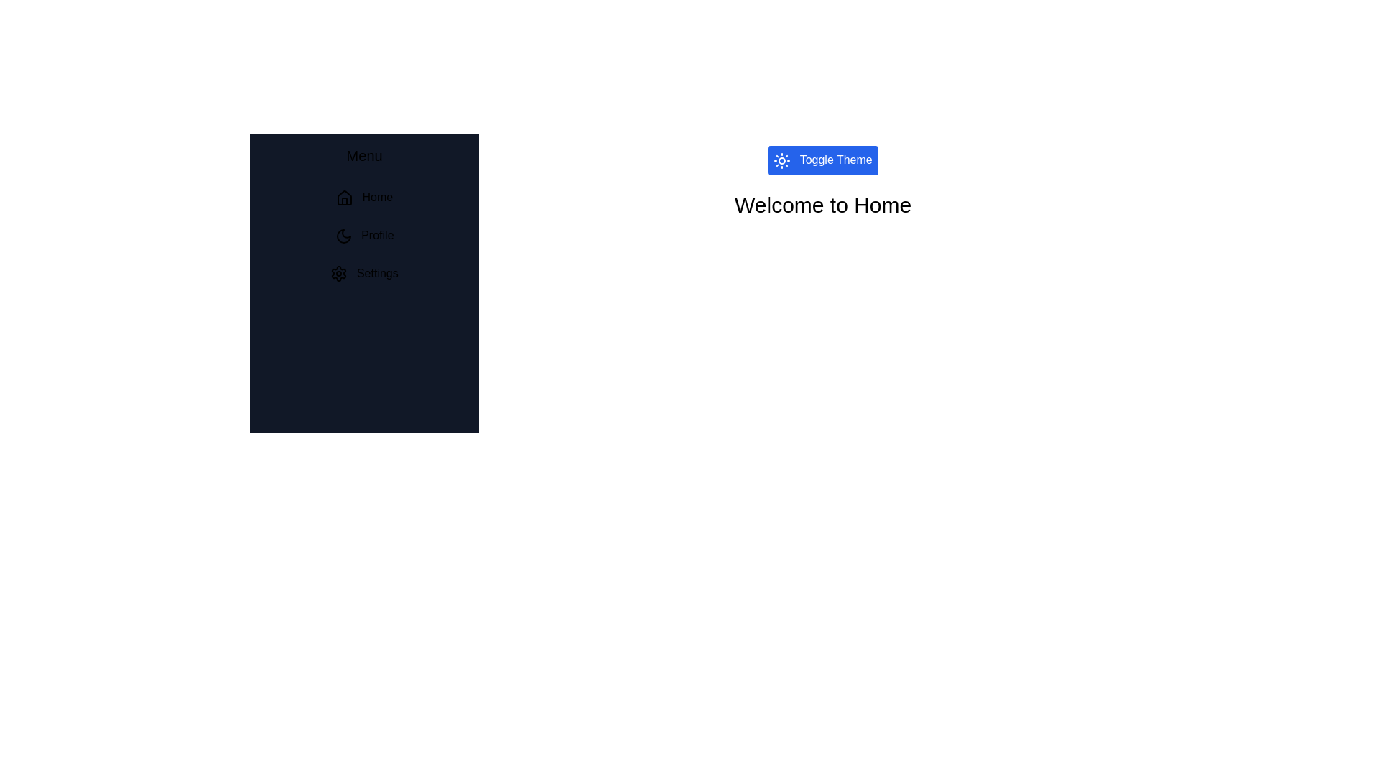 The height and width of the screenshot is (776, 1379). What do you see at coordinates (823, 160) in the screenshot?
I see `the 'Toggle Theme' button to toggle the theme between light and dark modes` at bounding box center [823, 160].